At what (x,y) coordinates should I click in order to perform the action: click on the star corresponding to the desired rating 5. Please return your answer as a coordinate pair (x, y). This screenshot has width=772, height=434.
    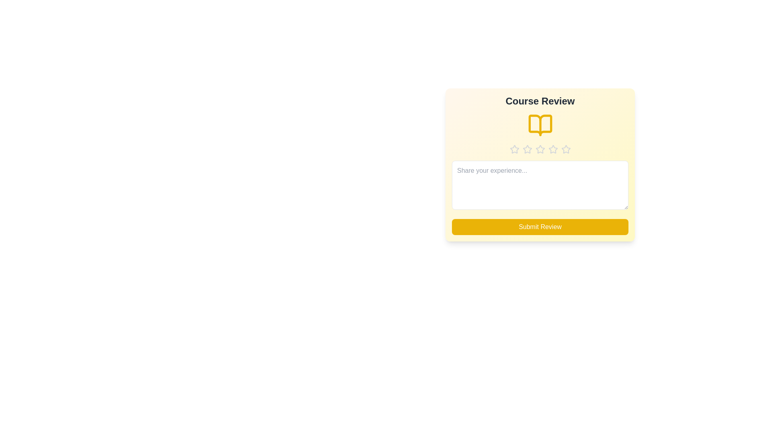
    Looking at the image, I should click on (565, 149).